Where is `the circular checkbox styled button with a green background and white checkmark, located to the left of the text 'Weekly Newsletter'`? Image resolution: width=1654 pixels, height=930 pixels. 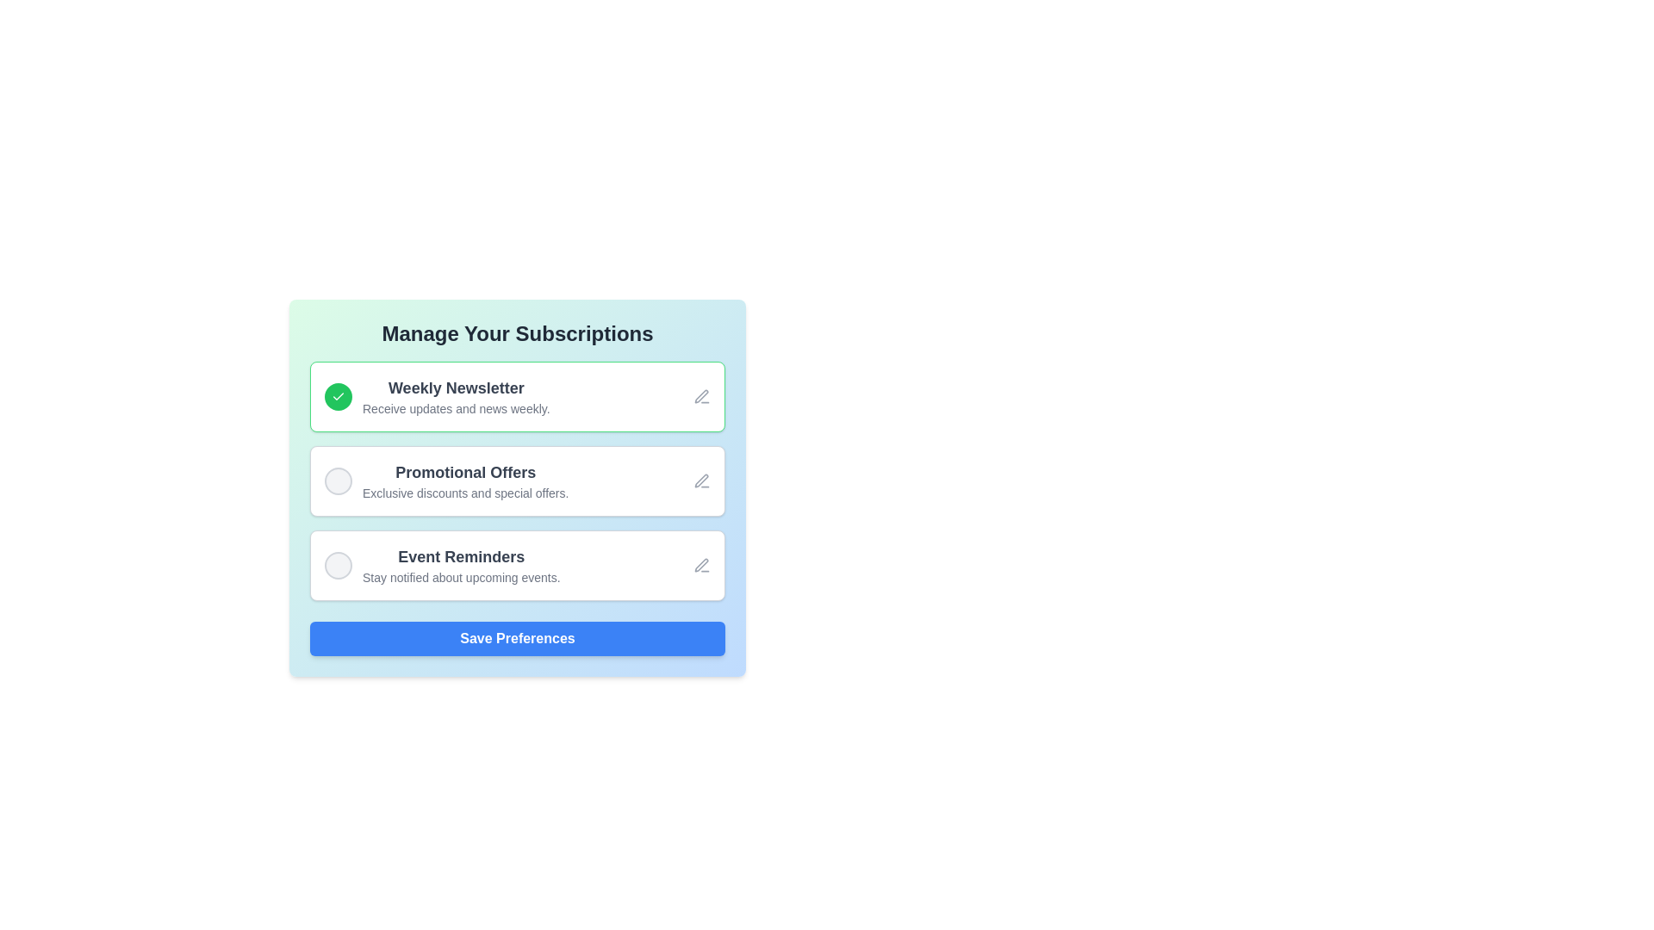 the circular checkbox styled button with a green background and white checkmark, located to the left of the text 'Weekly Newsletter' is located at coordinates (339, 397).